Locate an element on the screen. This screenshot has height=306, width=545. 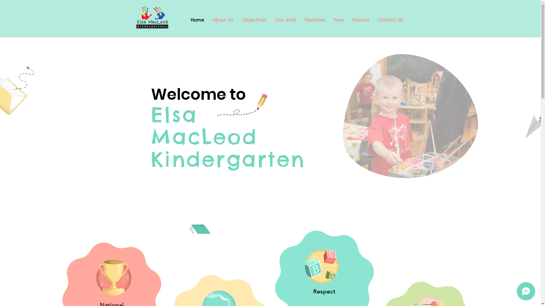
'Home' is located at coordinates (197, 20).